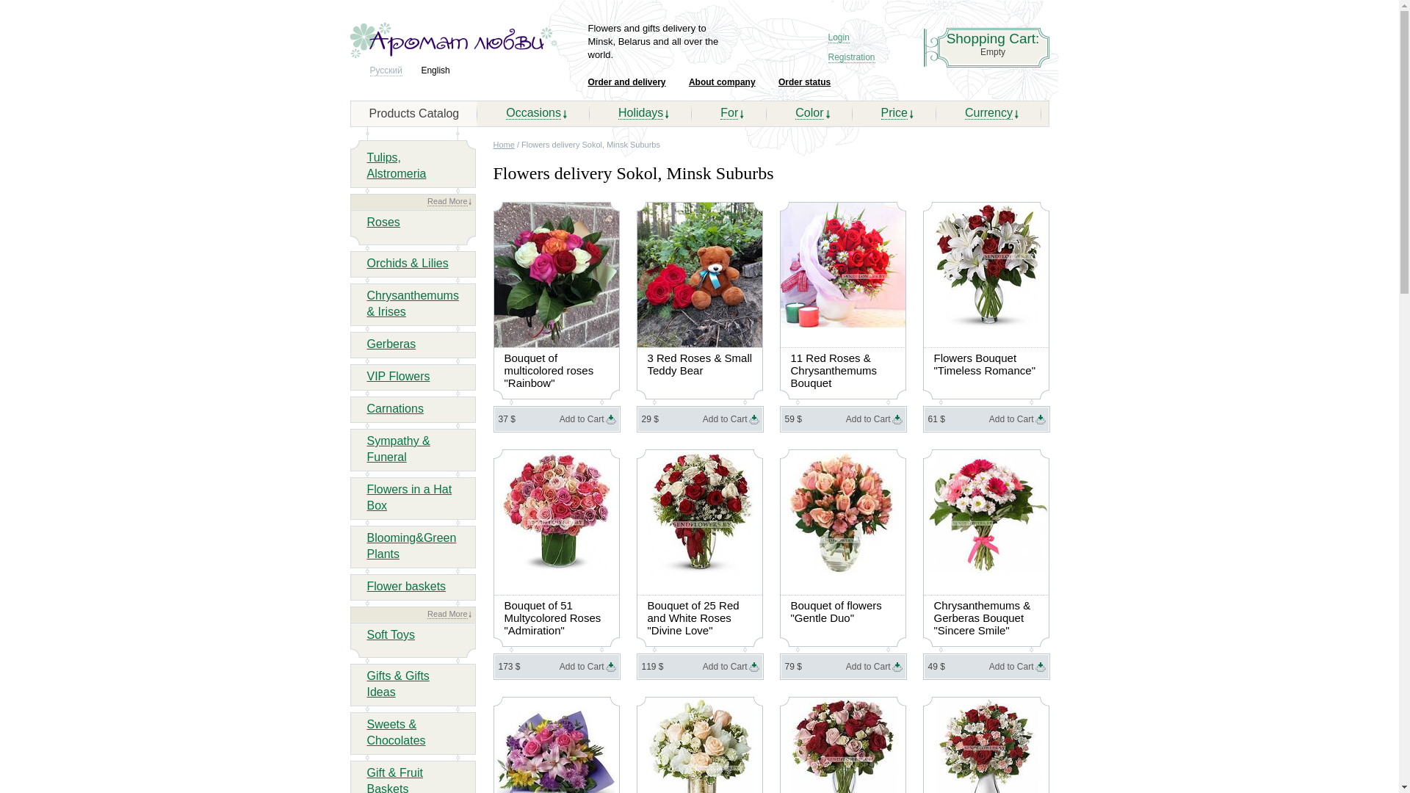 The image size is (1410, 793). What do you see at coordinates (947, 38) in the screenshot?
I see `'Shopping Cart:'` at bounding box center [947, 38].